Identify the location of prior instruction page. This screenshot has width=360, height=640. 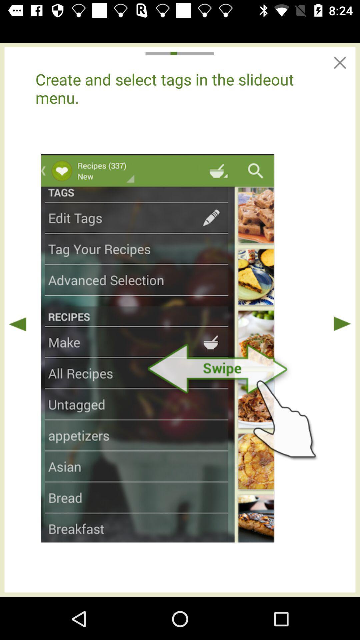
(17, 324).